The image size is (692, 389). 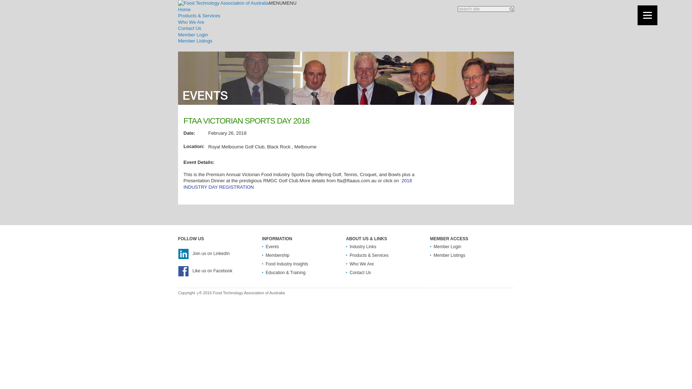 I want to click on 'Industry Links', so click(x=363, y=246).